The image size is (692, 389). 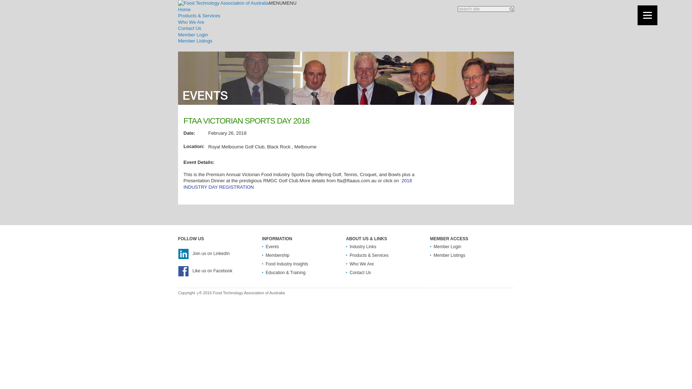 I want to click on 'Industry Links', so click(x=363, y=246).